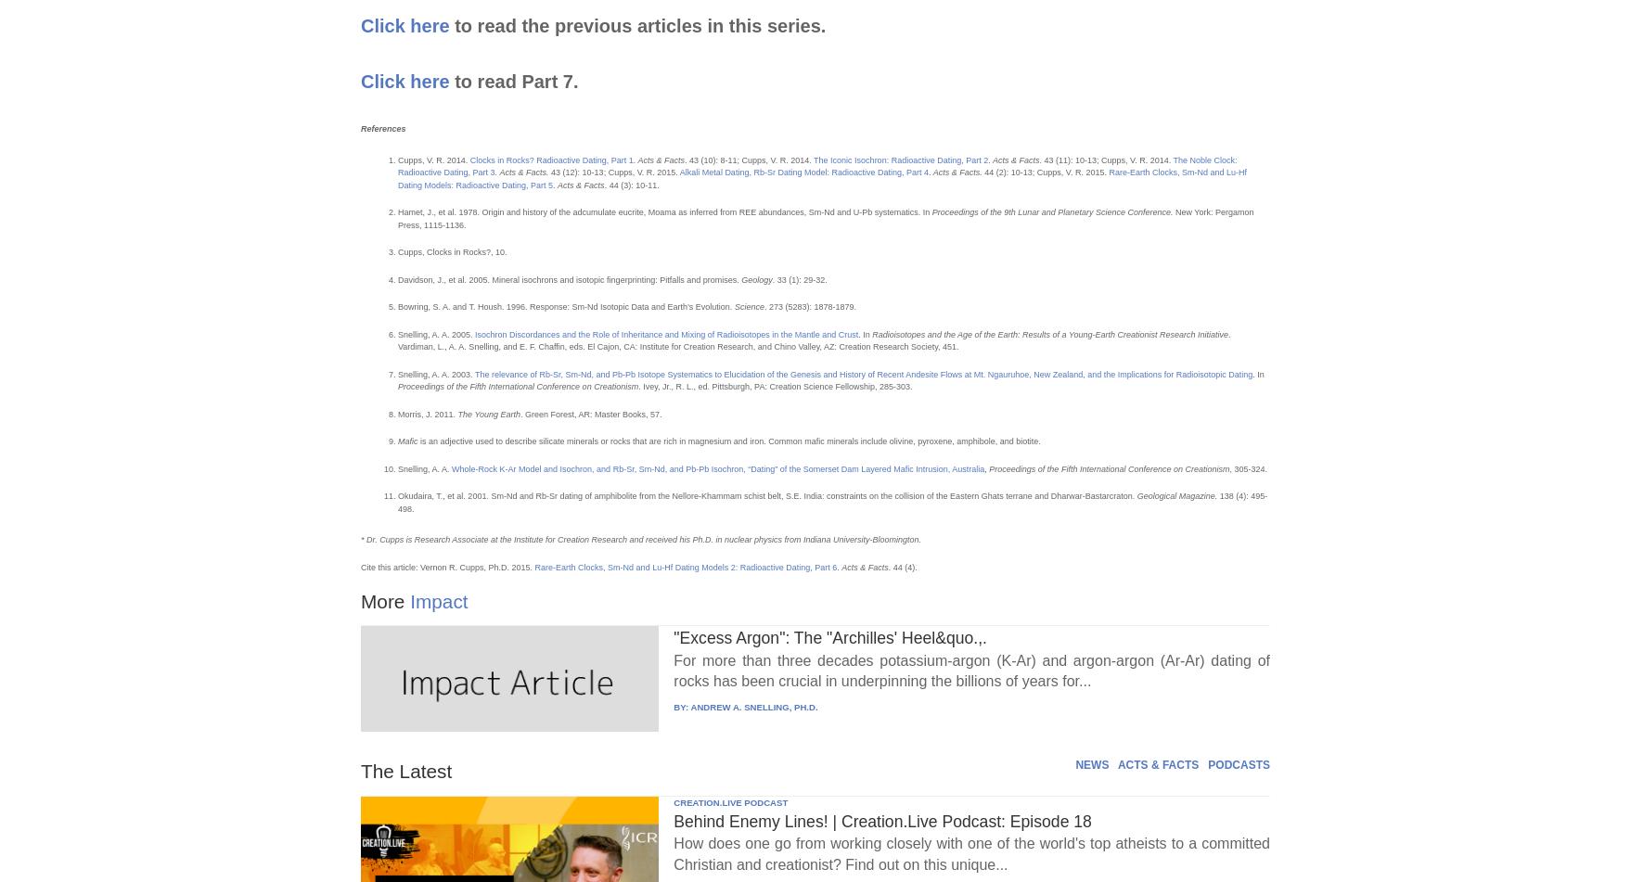 Image resolution: width=1631 pixels, height=882 pixels. I want to click on 'Clocks in Rocks? Radioactive Dating, Part 1', so click(551, 160).